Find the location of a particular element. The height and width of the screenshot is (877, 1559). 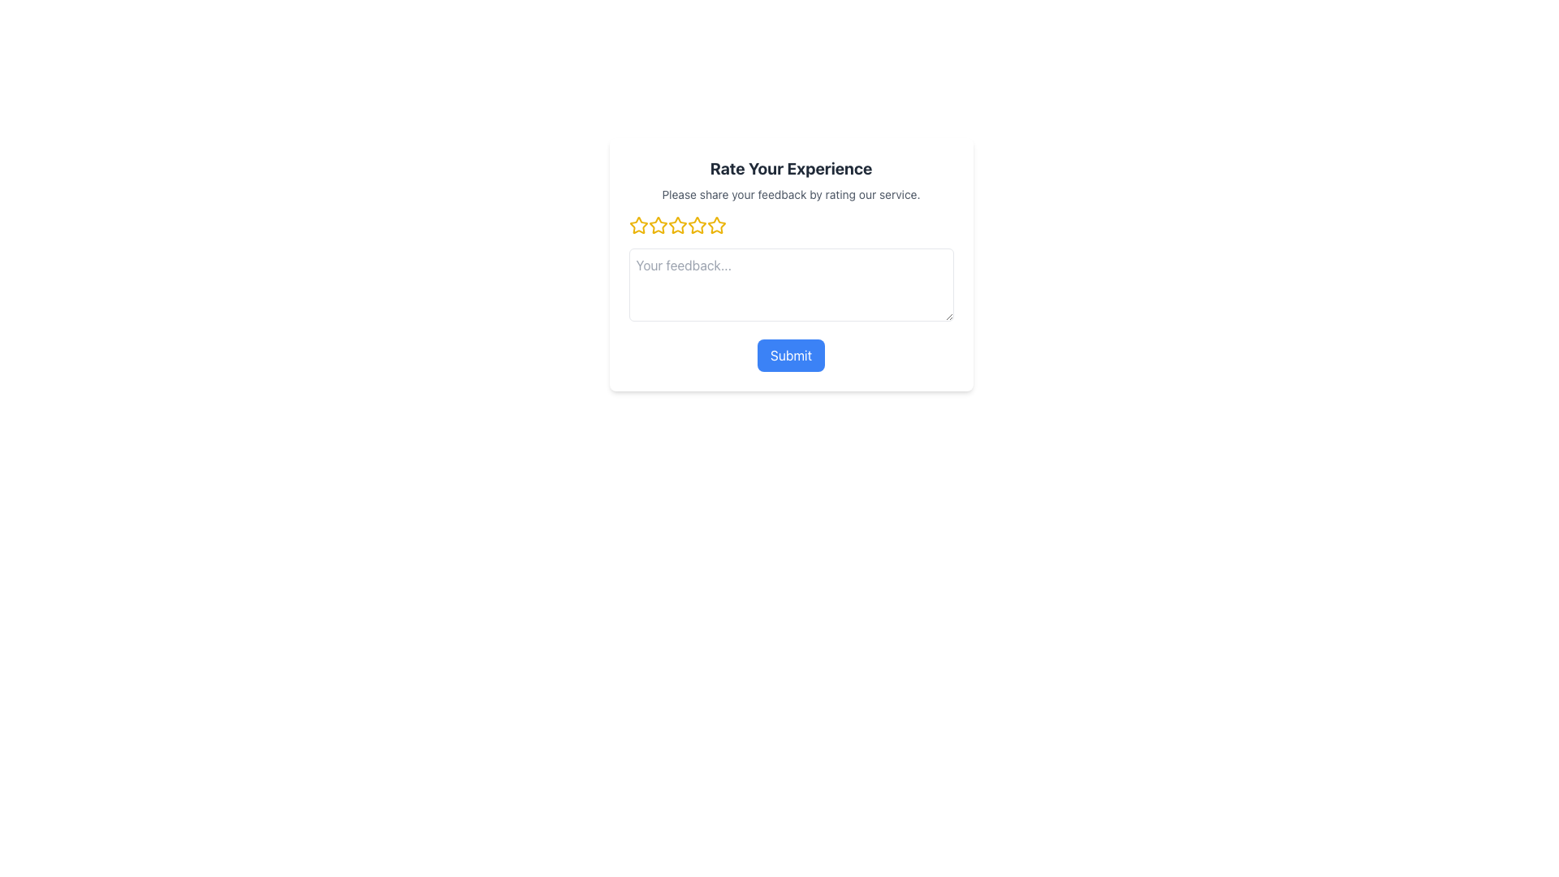

the fifth star icon in the rating interface is located at coordinates (697, 225).